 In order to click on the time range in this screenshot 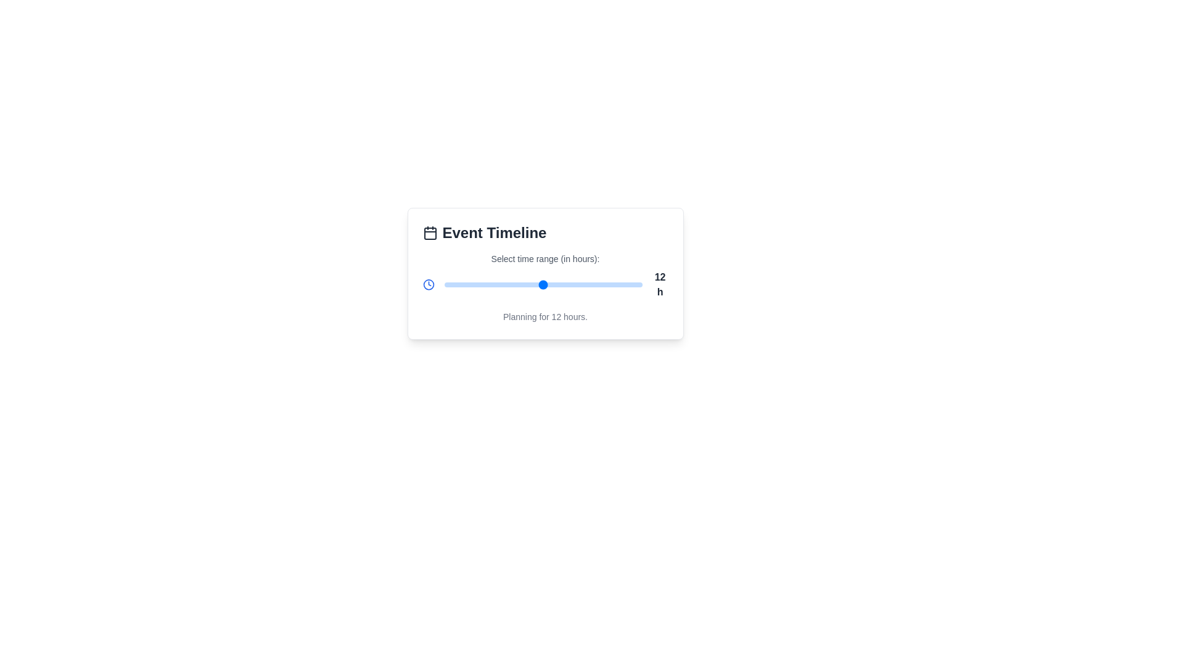, I will do `click(567, 285)`.